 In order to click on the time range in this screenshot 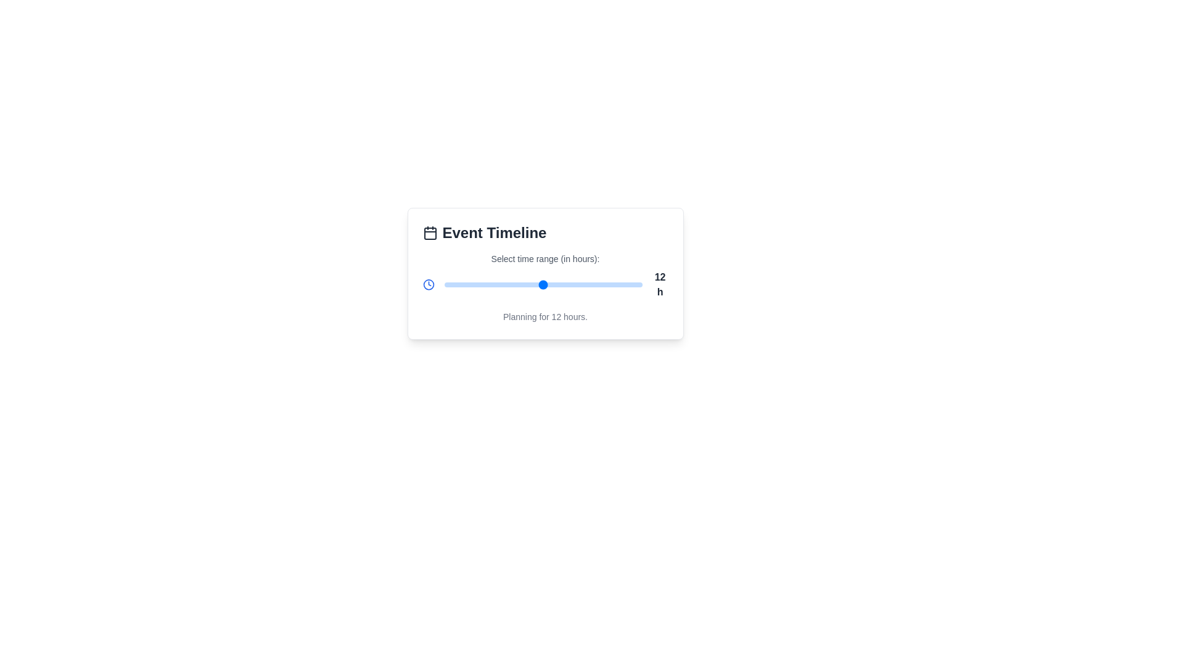, I will do `click(567, 285)`.